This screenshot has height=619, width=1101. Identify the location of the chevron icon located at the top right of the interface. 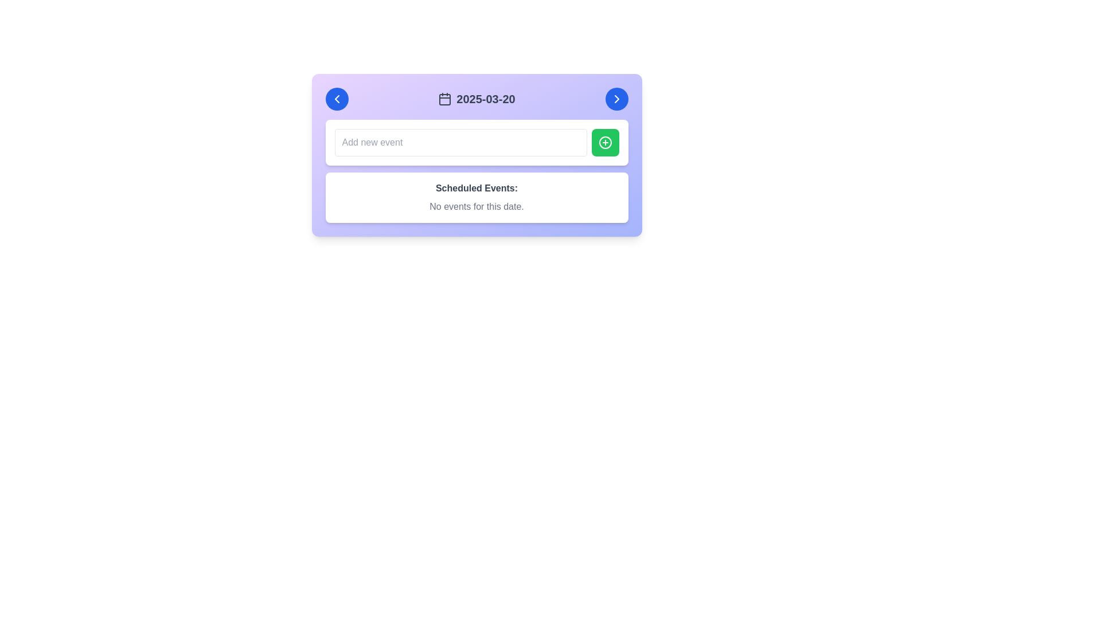
(616, 99).